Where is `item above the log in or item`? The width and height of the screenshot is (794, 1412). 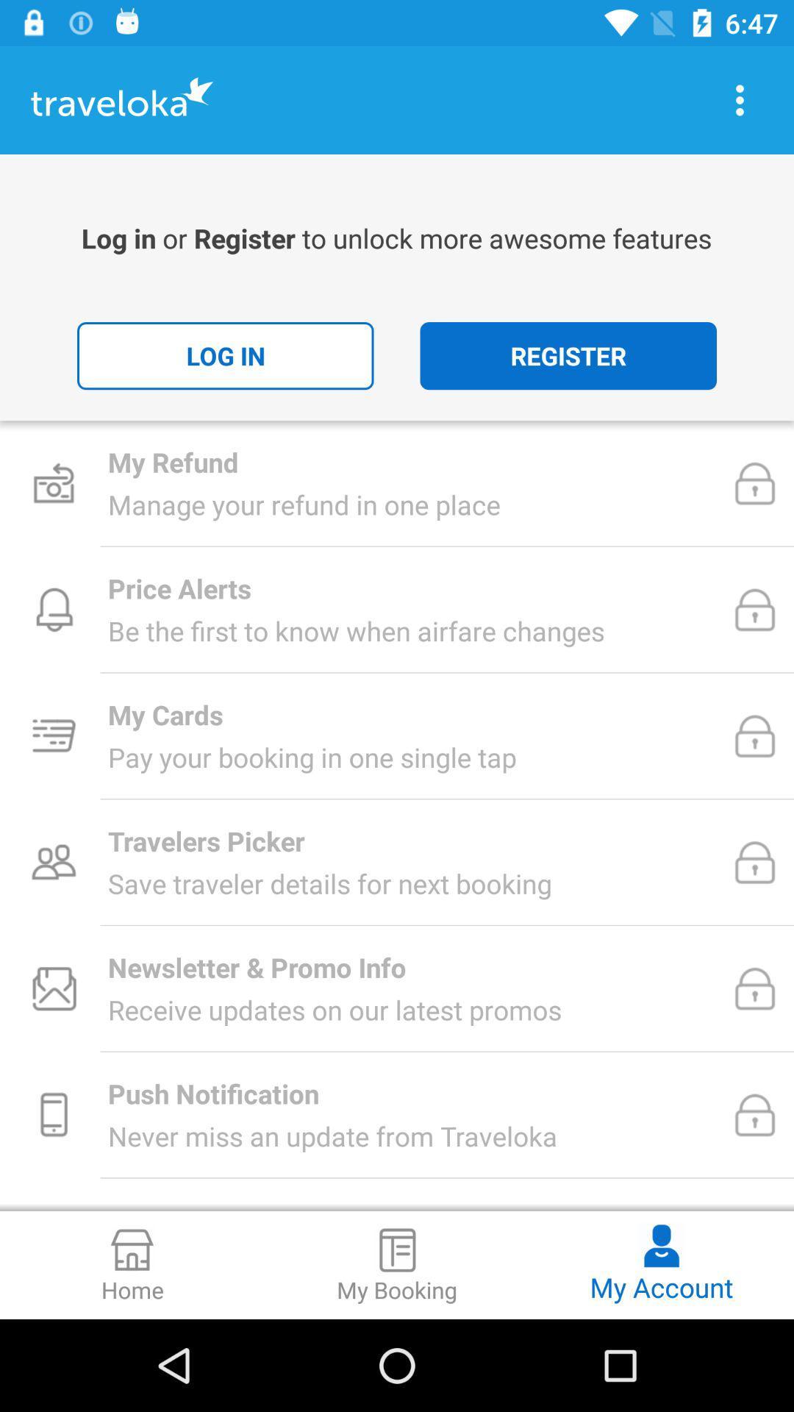
item above the log in or item is located at coordinates (740, 99).